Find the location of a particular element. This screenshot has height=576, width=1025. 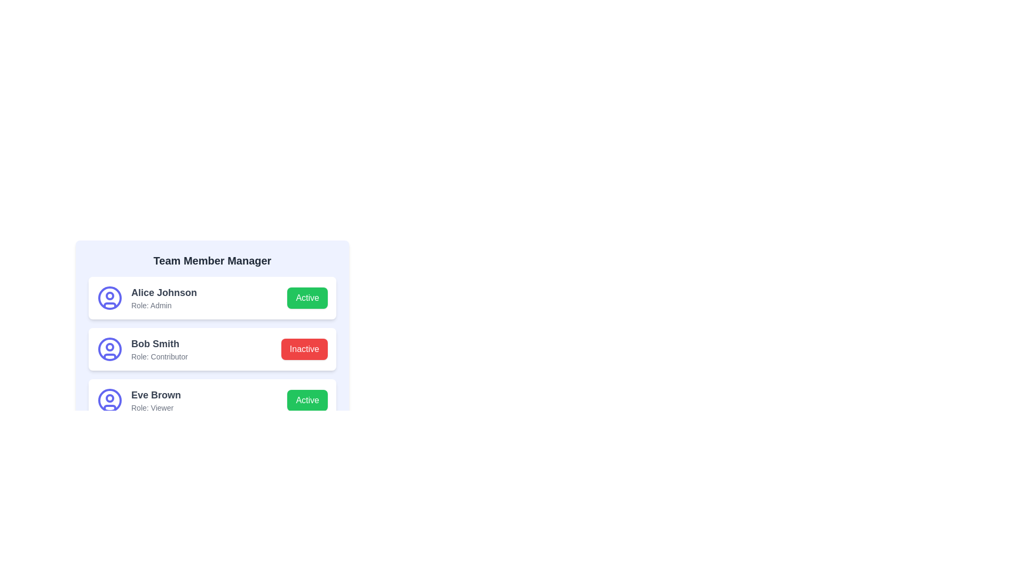

the composite UI element displaying the name 'Alice Johnson' with the role designation 'Role: Admin', located in the top entry of the user profiles list is located at coordinates (163, 298).